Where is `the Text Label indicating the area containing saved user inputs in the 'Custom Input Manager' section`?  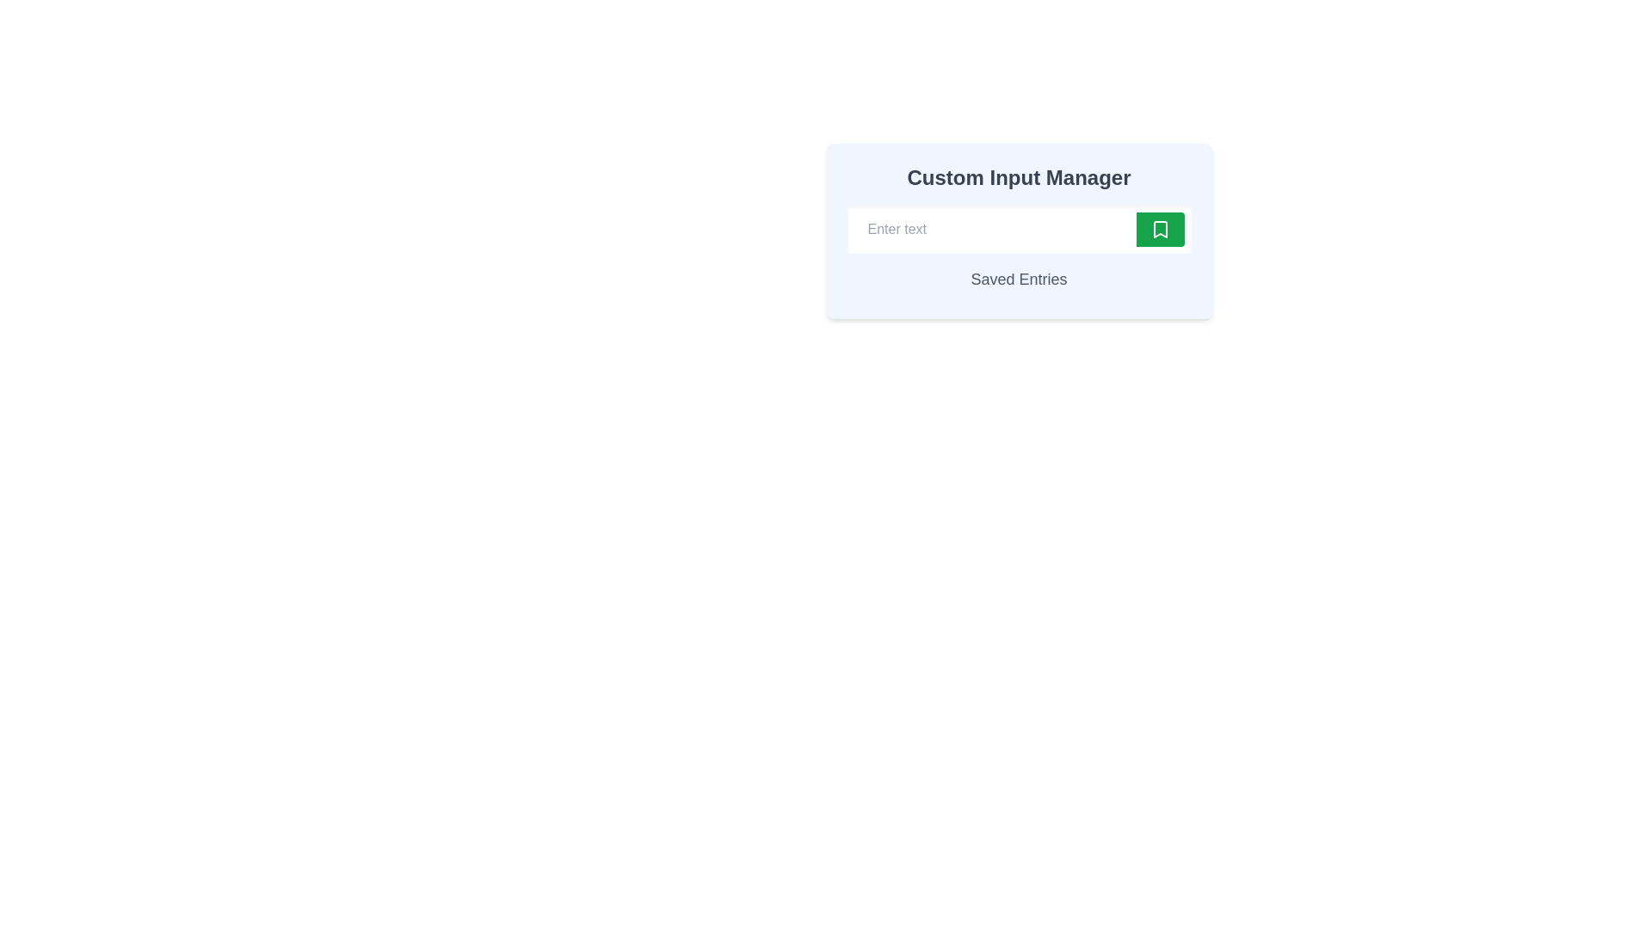
the Text Label indicating the area containing saved user inputs in the 'Custom Input Manager' section is located at coordinates (1019, 278).